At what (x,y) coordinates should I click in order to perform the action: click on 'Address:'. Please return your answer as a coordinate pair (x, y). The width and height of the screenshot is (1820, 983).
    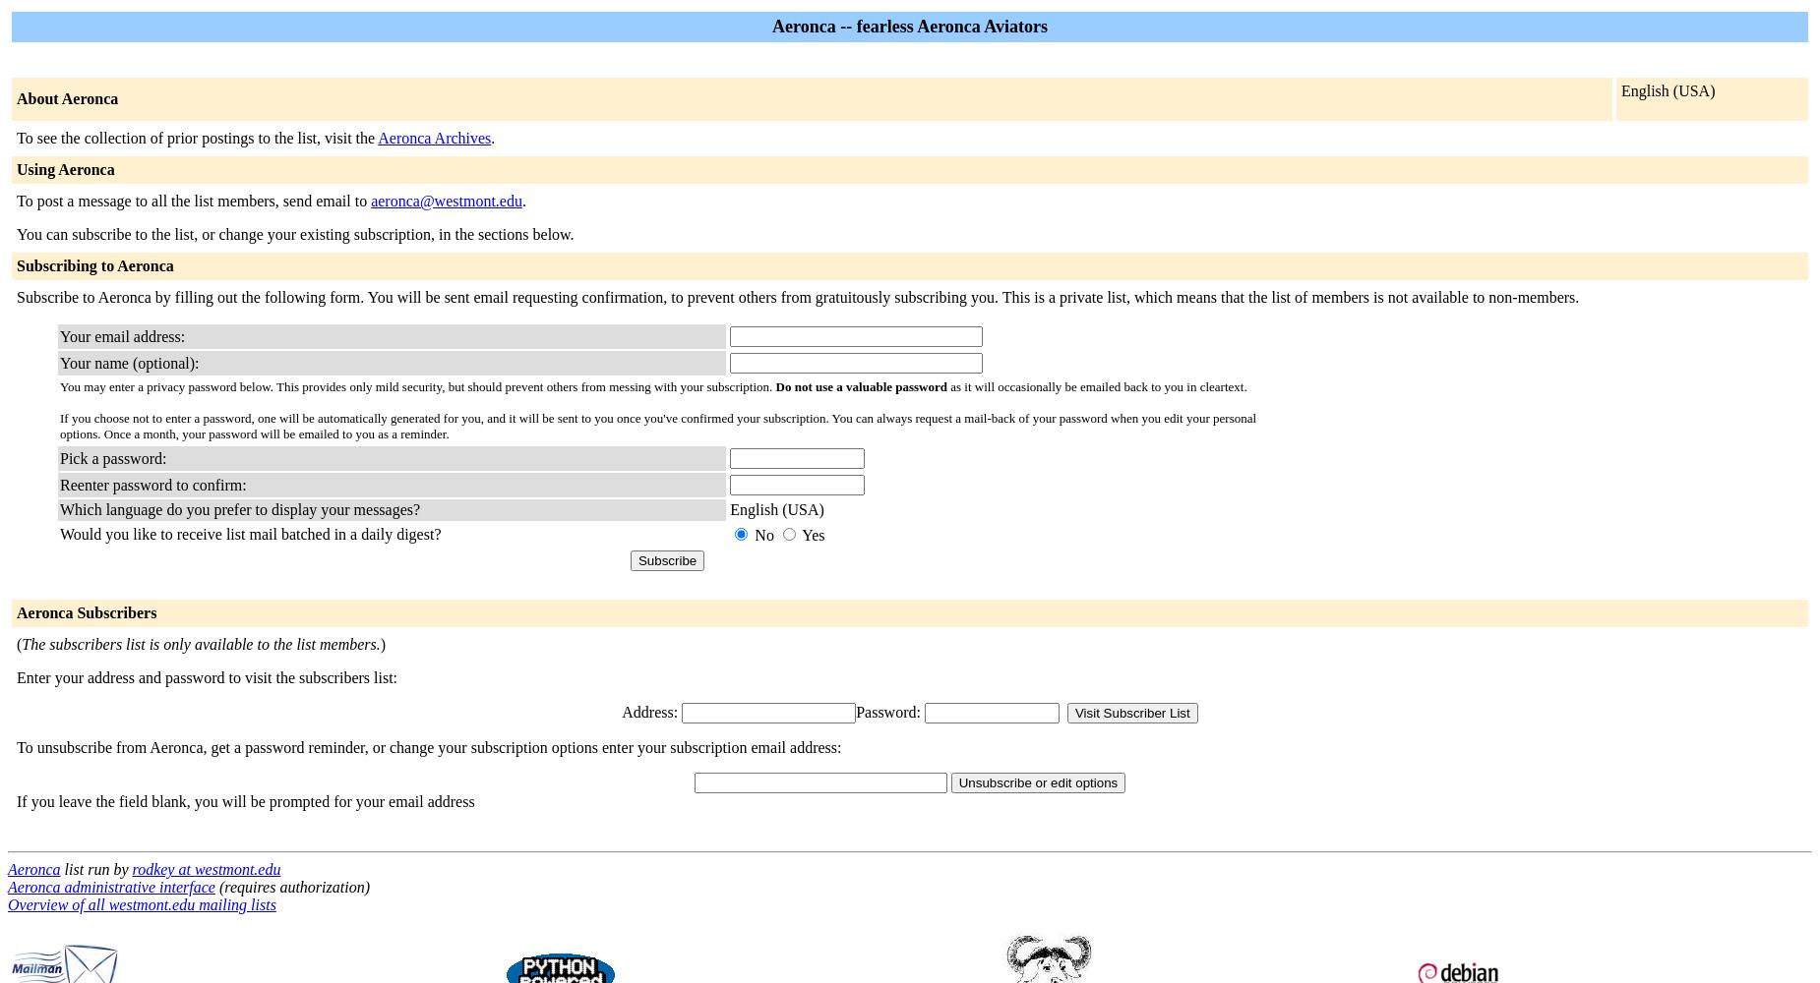
    Looking at the image, I should click on (651, 711).